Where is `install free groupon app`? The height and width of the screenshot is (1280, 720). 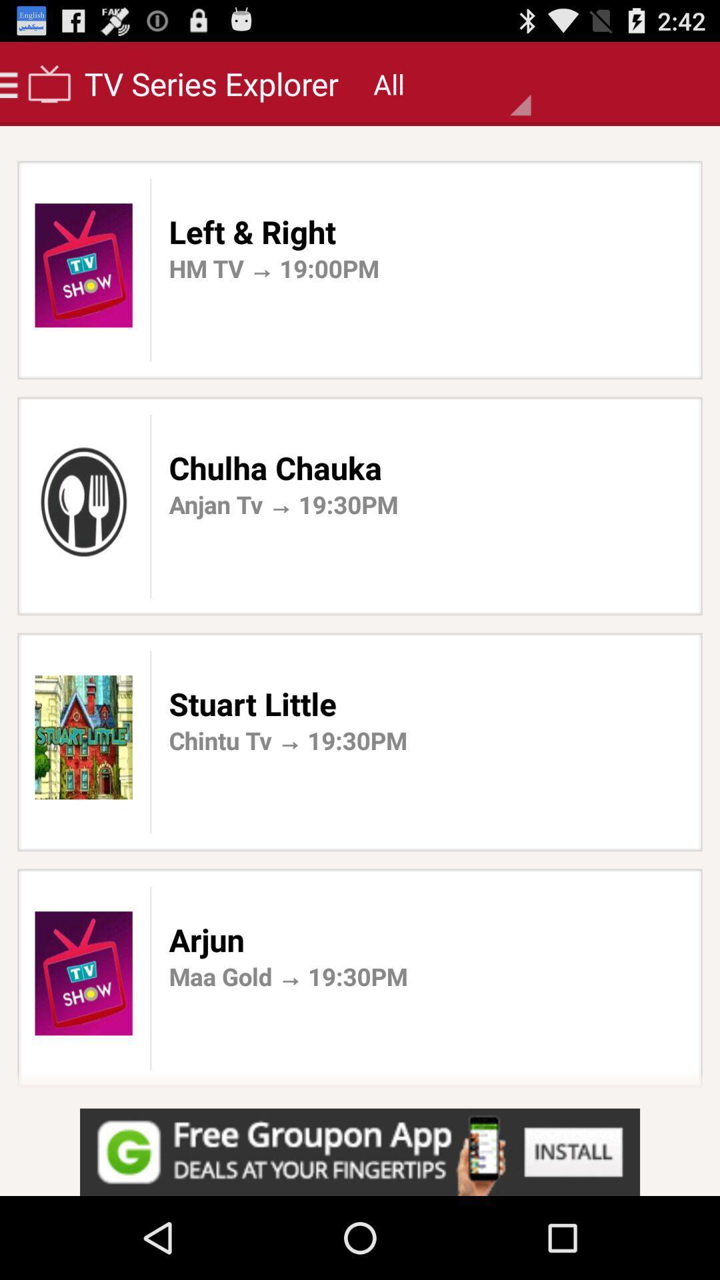 install free groupon app is located at coordinates (360, 1151).